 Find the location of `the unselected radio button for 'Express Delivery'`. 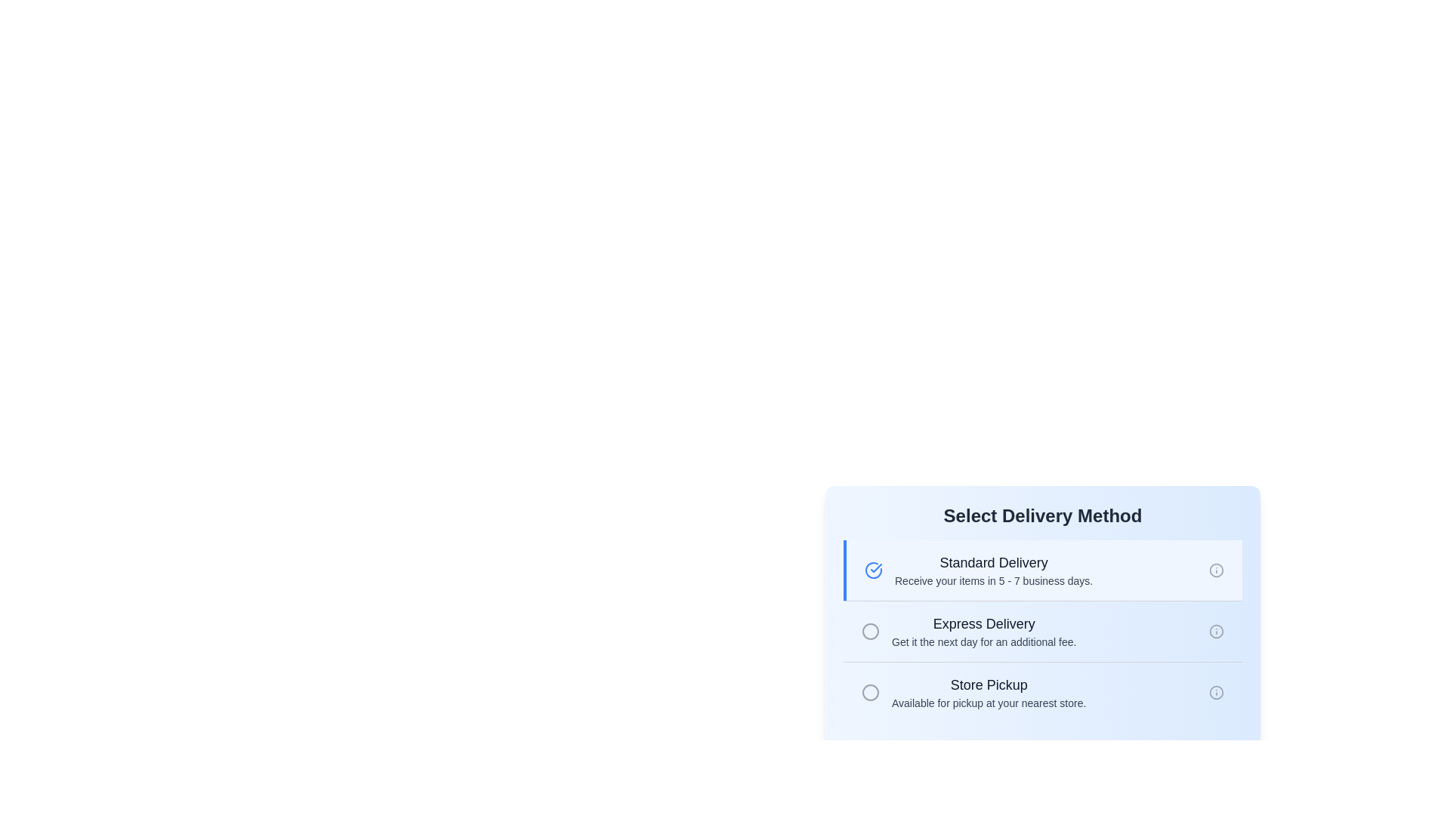

the unselected radio button for 'Express Delivery' is located at coordinates (870, 632).